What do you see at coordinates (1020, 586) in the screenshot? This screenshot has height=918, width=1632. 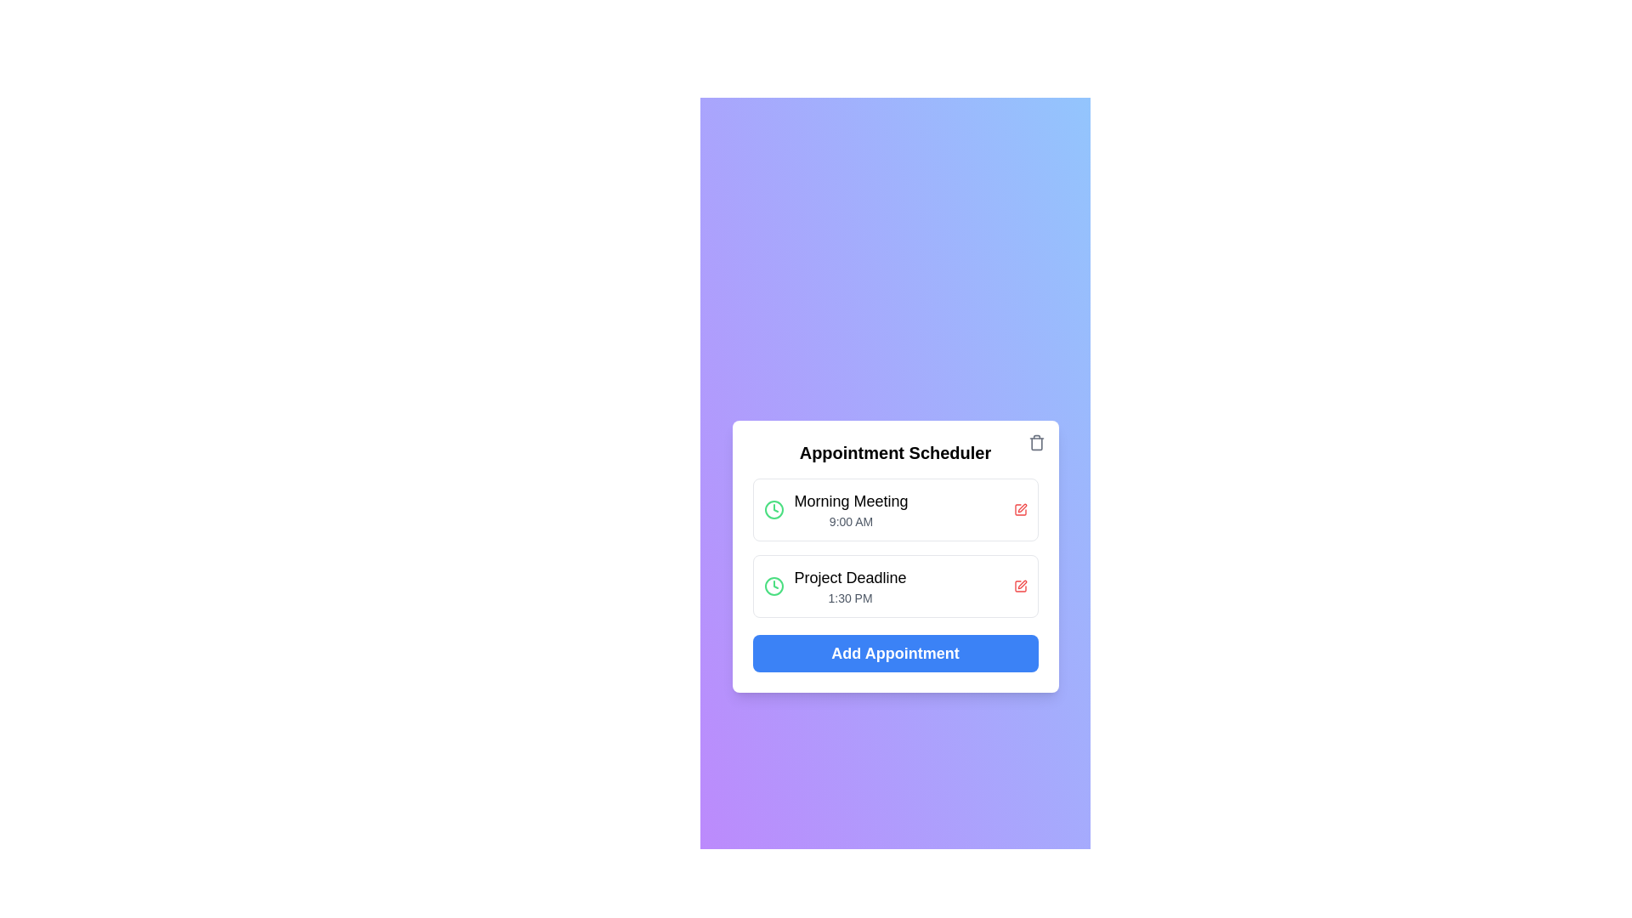 I see `the editing action icon for the 'Project Deadline' entry in the second item of the 'Appointment Scheduler' list to initiate editing` at bounding box center [1020, 586].